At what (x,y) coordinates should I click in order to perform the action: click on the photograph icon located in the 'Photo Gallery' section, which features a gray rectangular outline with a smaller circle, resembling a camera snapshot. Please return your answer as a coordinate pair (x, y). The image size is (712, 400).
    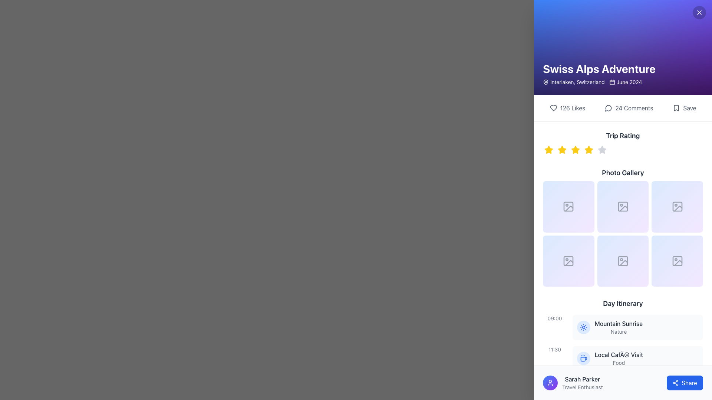
    Looking at the image, I should click on (568, 207).